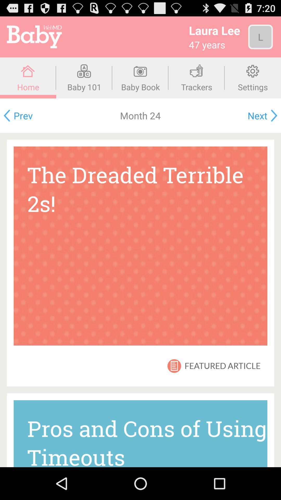 This screenshot has height=500, width=281. What do you see at coordinates (140, 78) in the screenshot?
I see `the text box which says baby book` at bounding box center [140, 78].